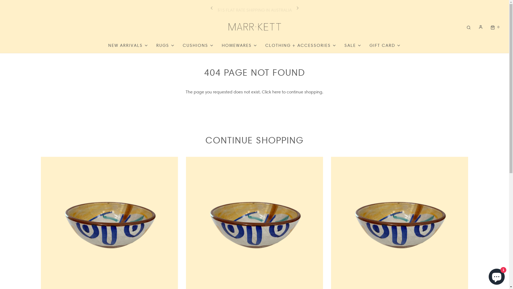 The image size is (513, 289). What do you see at coordinates (198, 45) in the screenshot?
I see `'CUSHIONS'` at bounding box center [198, 45].